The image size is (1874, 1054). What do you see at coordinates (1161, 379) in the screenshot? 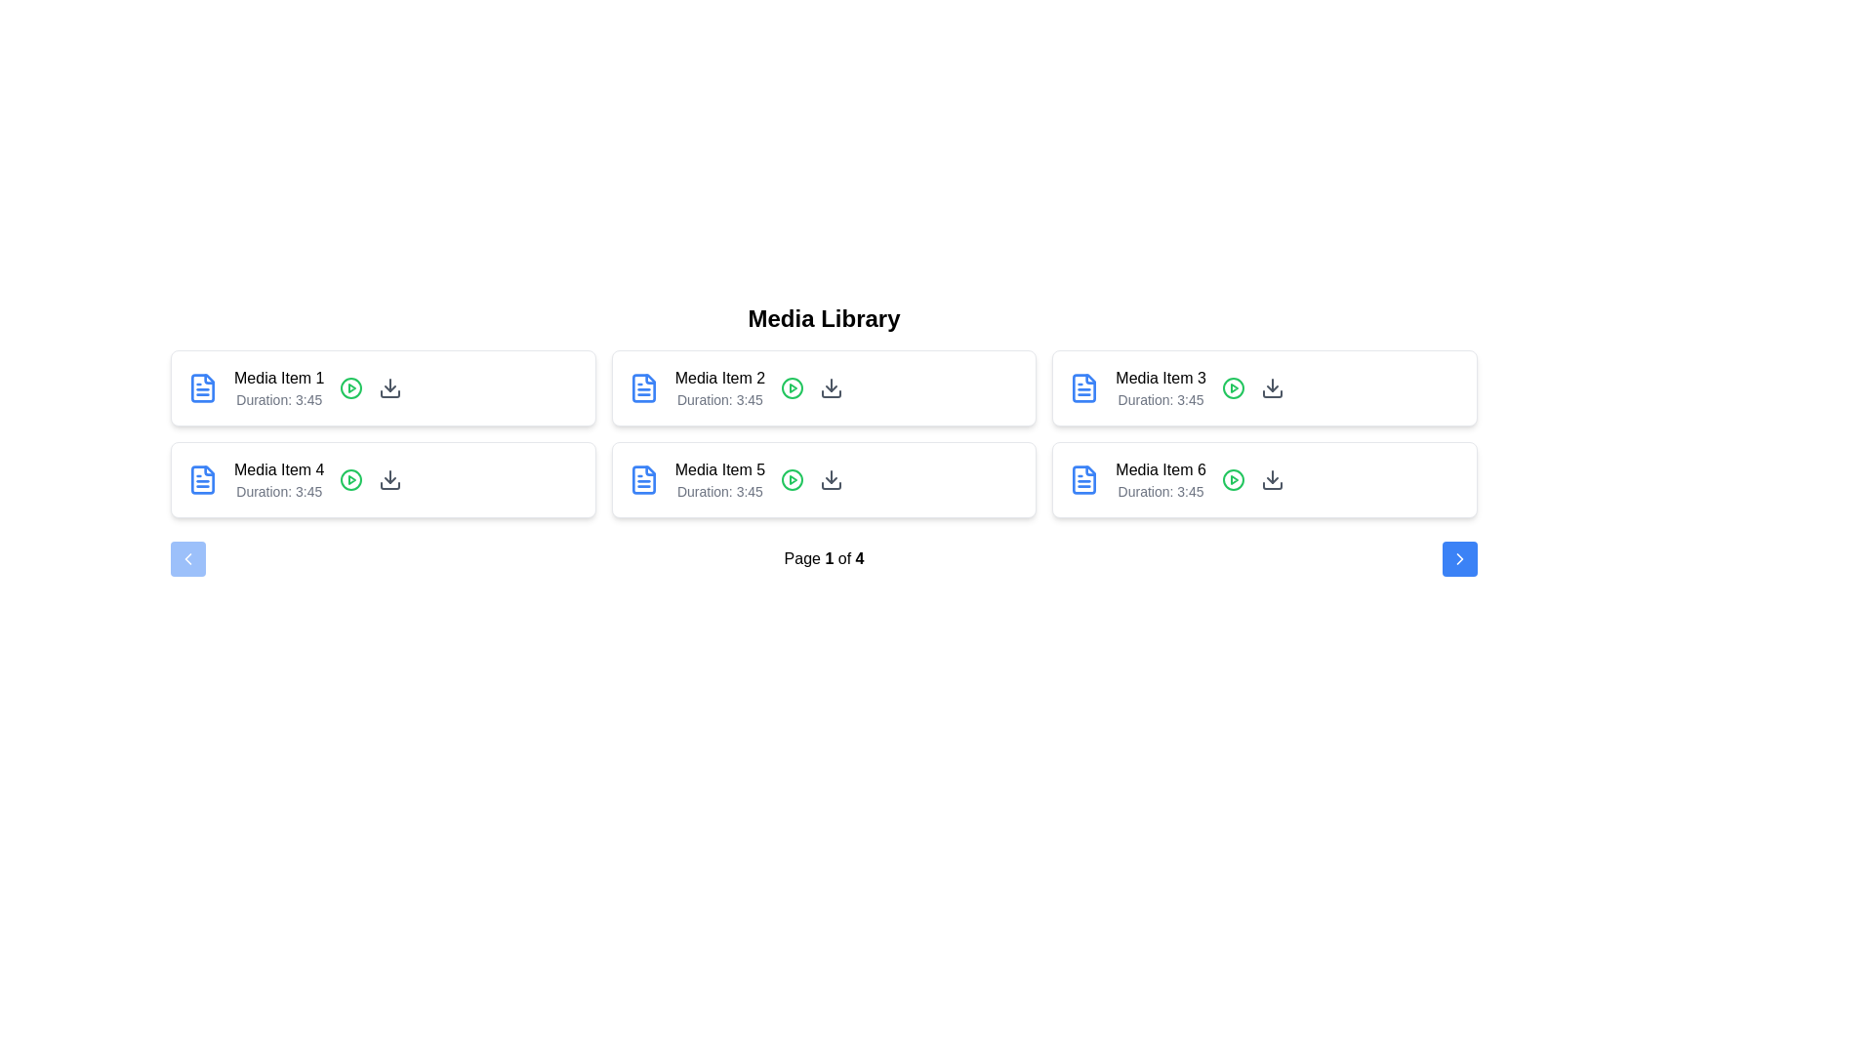
I see `the Text Label that identifies the media item as 'Media Item 3', located in the second row, second column of the media library grid` at bounding box center [1161, 379].